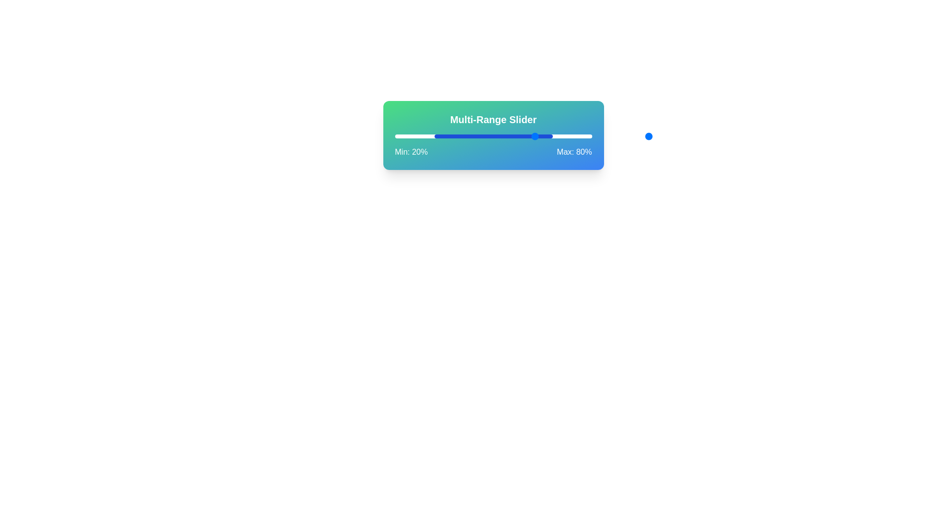 This screenshot has width=946, height=532. Describe the element at coordinates (526, 136) in the screenshot. I see `the slider` at that location.